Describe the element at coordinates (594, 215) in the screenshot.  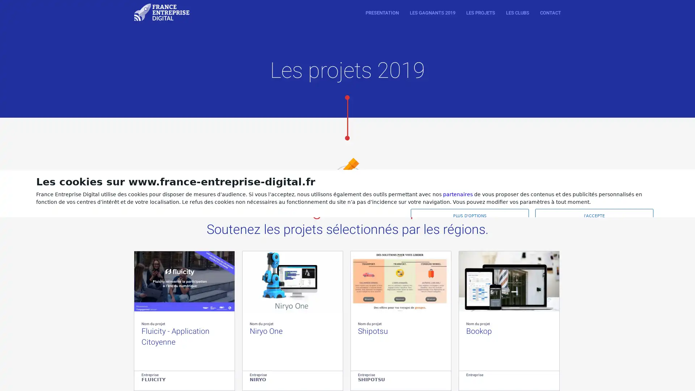
I see `J'ACCEPTE` at that location.